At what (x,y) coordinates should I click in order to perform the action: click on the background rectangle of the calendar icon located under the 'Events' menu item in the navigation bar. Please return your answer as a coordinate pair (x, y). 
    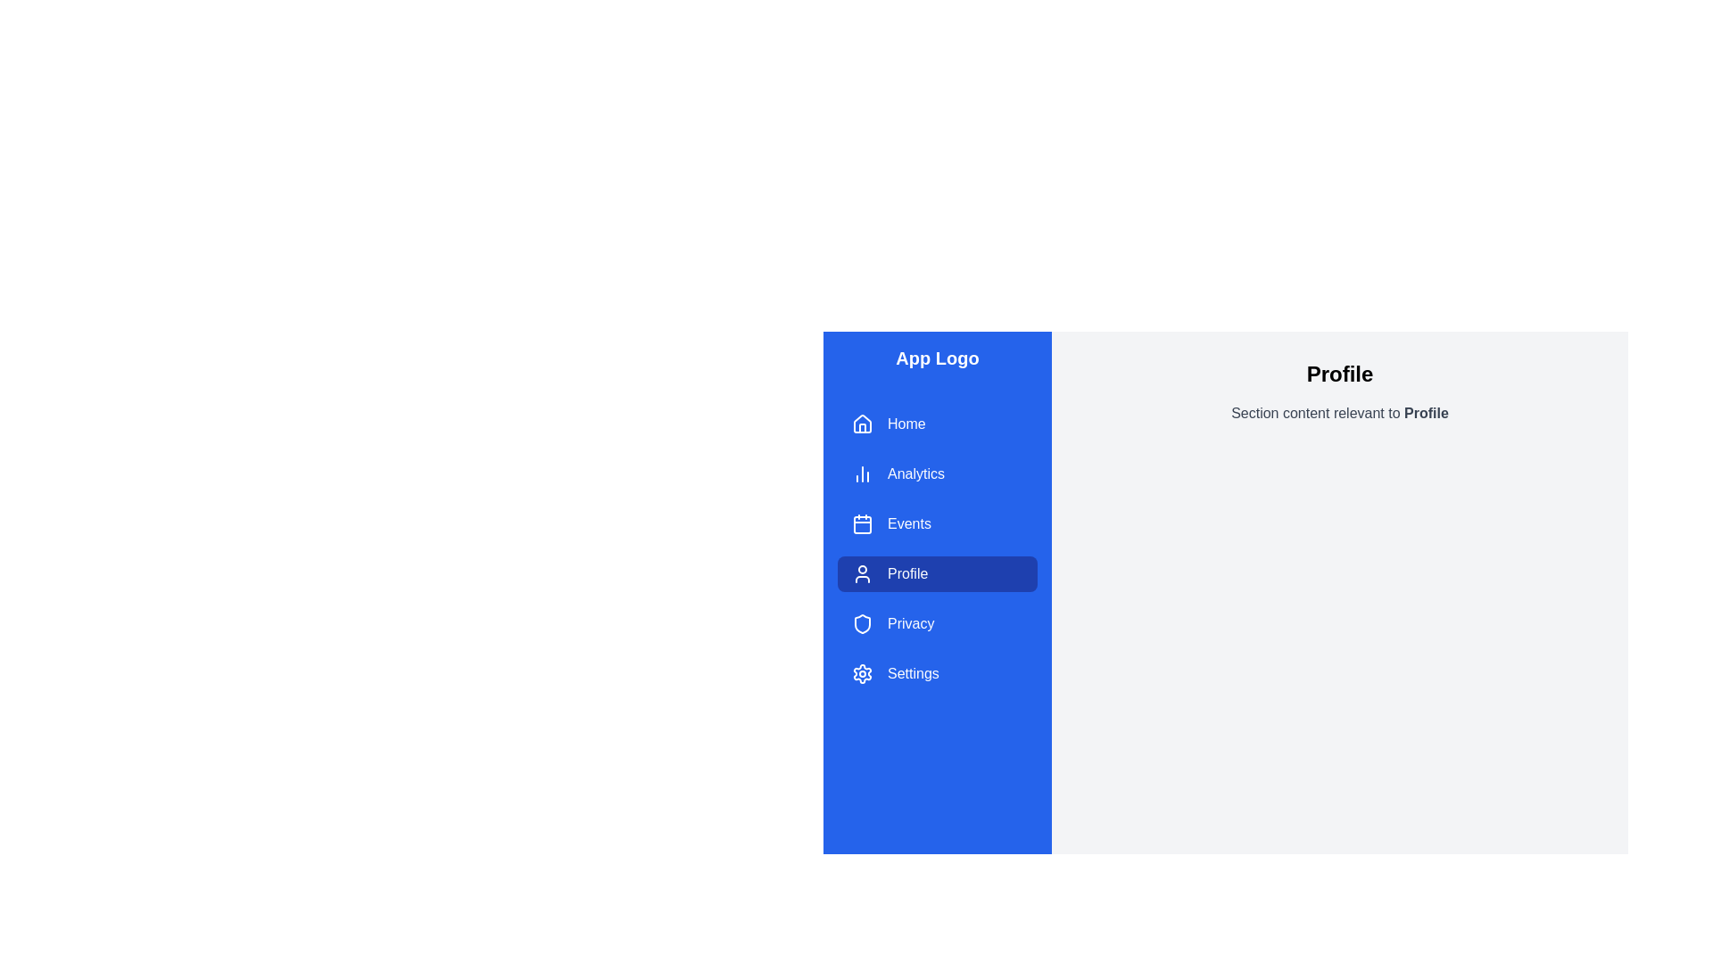
    Looking at the image, I should click on (862, 524).